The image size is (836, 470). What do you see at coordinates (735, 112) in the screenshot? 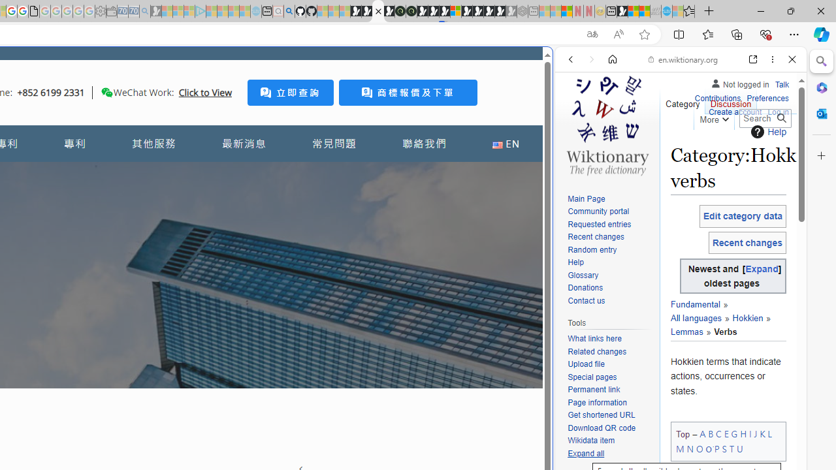
I see `'Create account'` at bounding box center [735, 112].